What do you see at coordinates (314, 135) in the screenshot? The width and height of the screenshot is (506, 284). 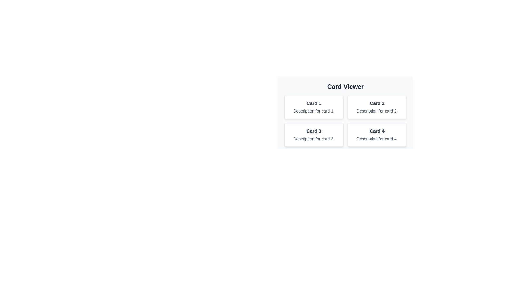 I see `the card labeled 'Card 3' which is located in the bottom-left quadrant of the grid layout` at bounding box center [314, 135].